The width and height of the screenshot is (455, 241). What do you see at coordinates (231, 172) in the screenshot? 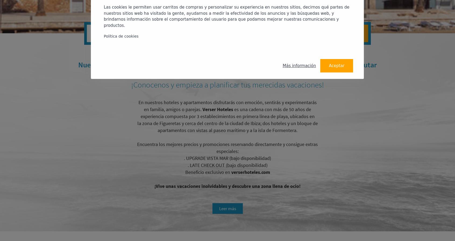
I see `'verserhoteles.com'` at bounding box center [231, 172].